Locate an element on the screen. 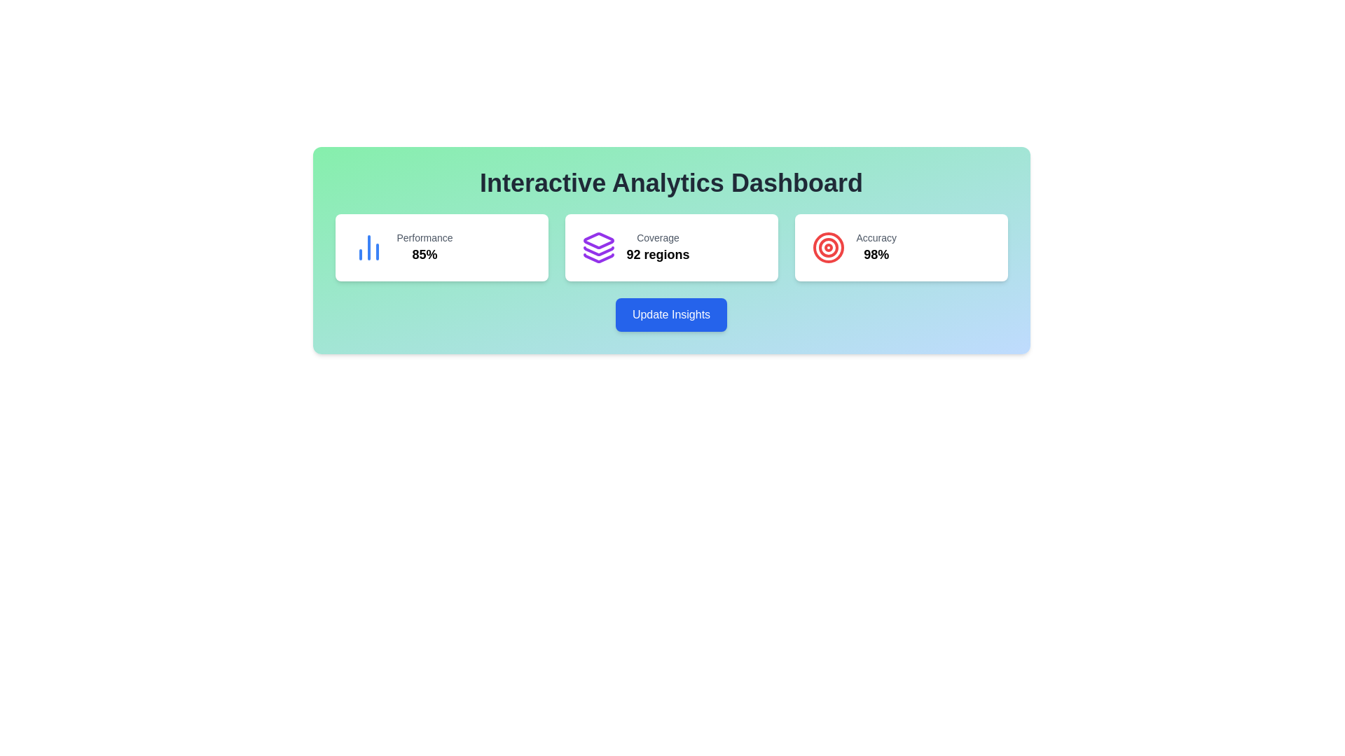  the 'Update Insights' button, which is a rectangular button with a blue background and white text, located centrally in the lower section of a card layout is located at coordinates (670, 315).